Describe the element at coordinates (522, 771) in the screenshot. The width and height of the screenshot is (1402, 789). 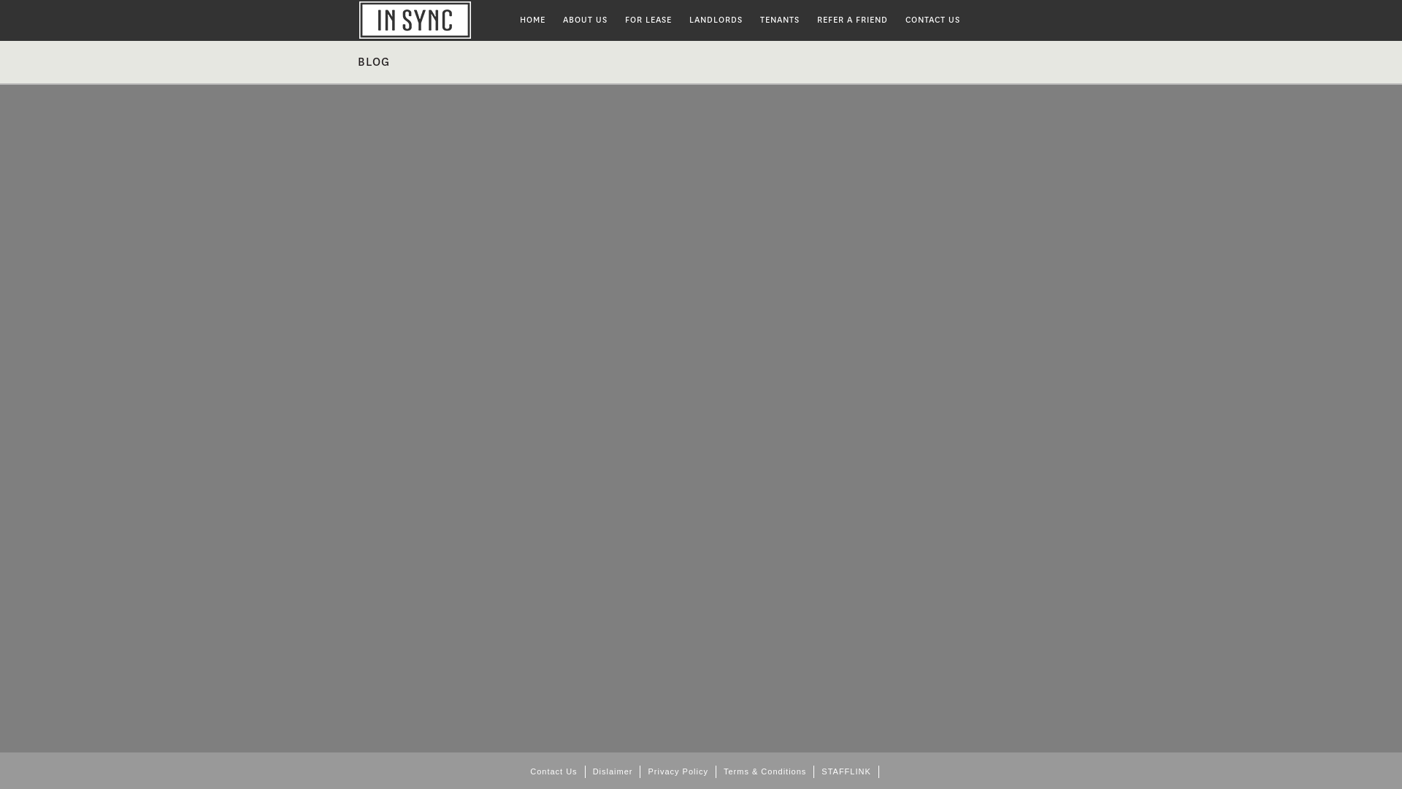
I see `'Contact Us'` at that location.